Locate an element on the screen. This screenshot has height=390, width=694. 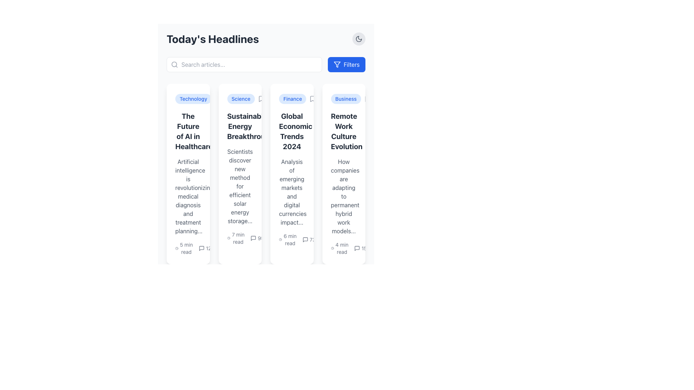
the comments icon located at the bottom right corner of the 'Remote Work Culture Evolution' card, which opens the comments section related to the content is located at coordinates (357, 248).